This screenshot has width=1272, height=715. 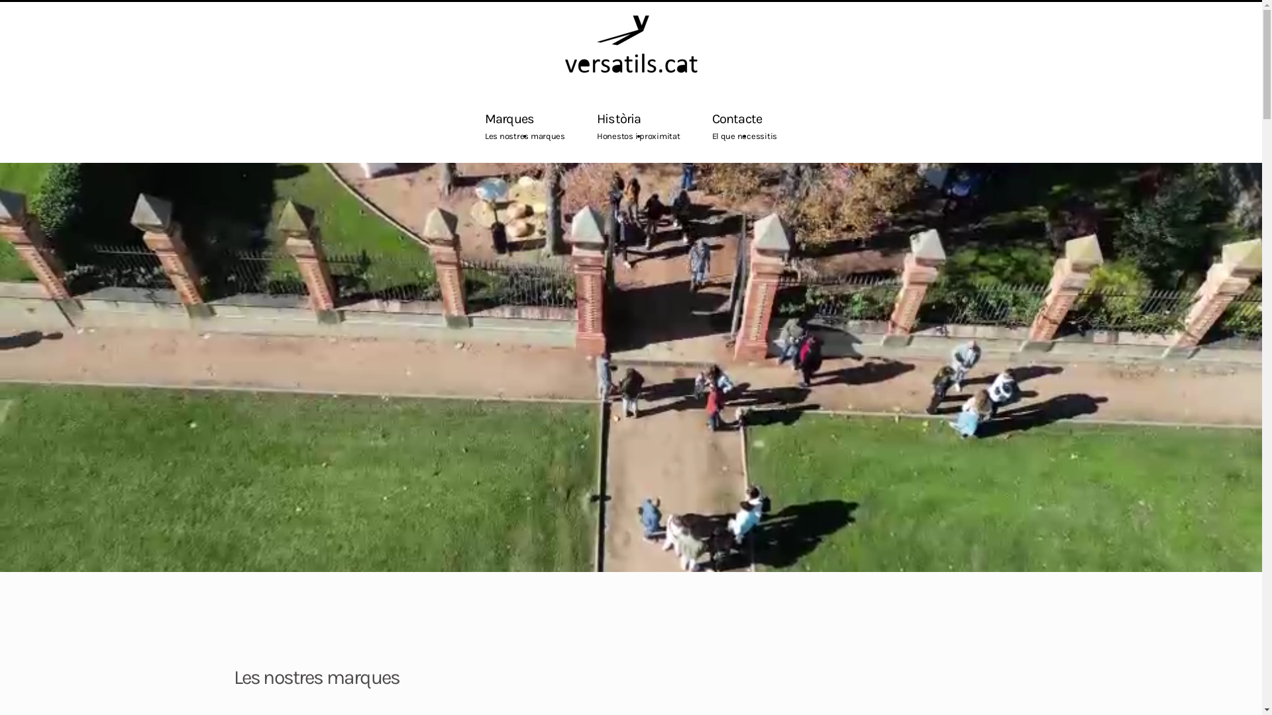 I want to click on 'Marques, so click(x=524, y=124).